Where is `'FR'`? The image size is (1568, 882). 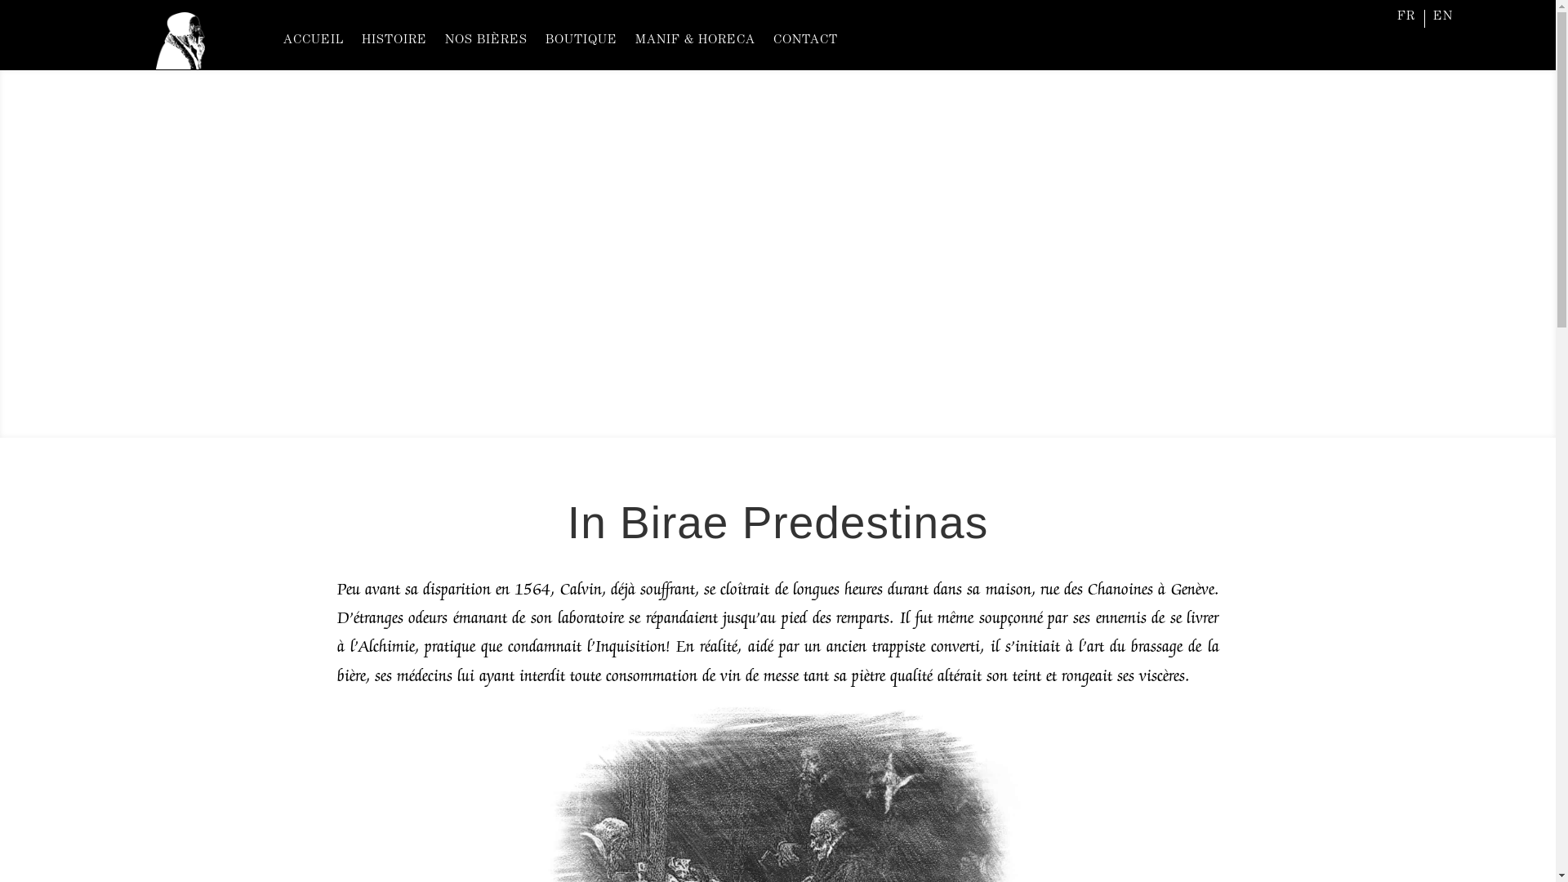
'FR' is located at coordinates (1405, 20).